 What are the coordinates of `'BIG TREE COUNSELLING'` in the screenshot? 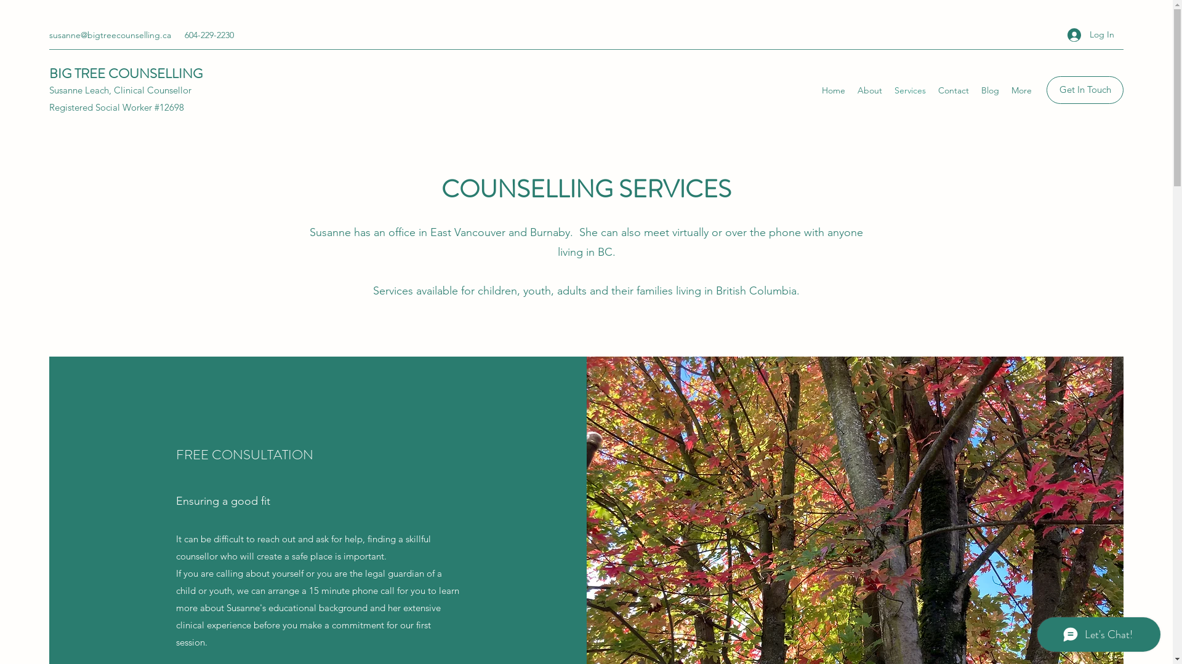 It's located at (126, 73).